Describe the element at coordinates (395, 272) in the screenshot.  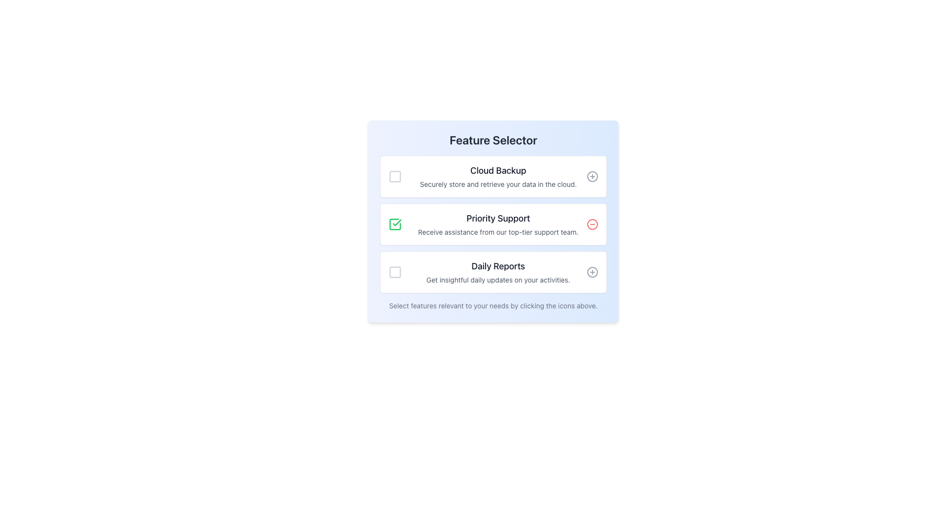
I see `the checkbox icon with a light gray border in the 'Daily Reports' card` at that location.